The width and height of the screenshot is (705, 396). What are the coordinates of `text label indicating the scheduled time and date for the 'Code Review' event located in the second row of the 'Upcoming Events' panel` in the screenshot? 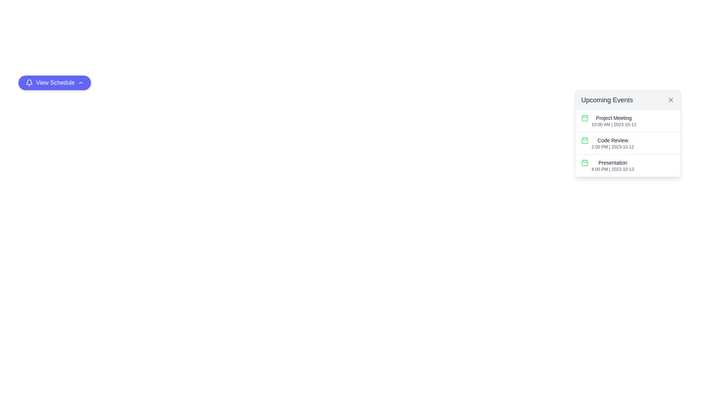 It's located at (612, 147).